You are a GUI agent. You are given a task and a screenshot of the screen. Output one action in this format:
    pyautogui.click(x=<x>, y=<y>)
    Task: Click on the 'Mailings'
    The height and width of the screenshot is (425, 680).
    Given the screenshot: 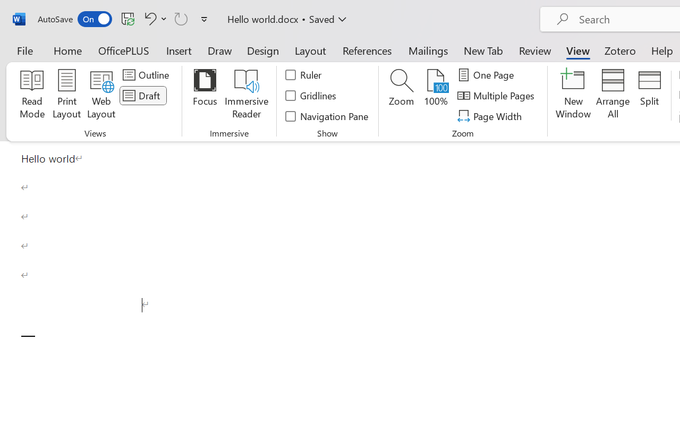 What is the action you would take?
    pyautogui.click(x=428, y=50)
    